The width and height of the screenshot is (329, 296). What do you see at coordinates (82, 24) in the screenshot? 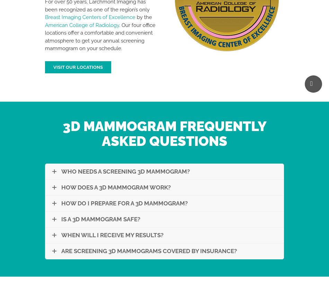
I see `'American College of Radiology'` at bounding box center [82, 24].